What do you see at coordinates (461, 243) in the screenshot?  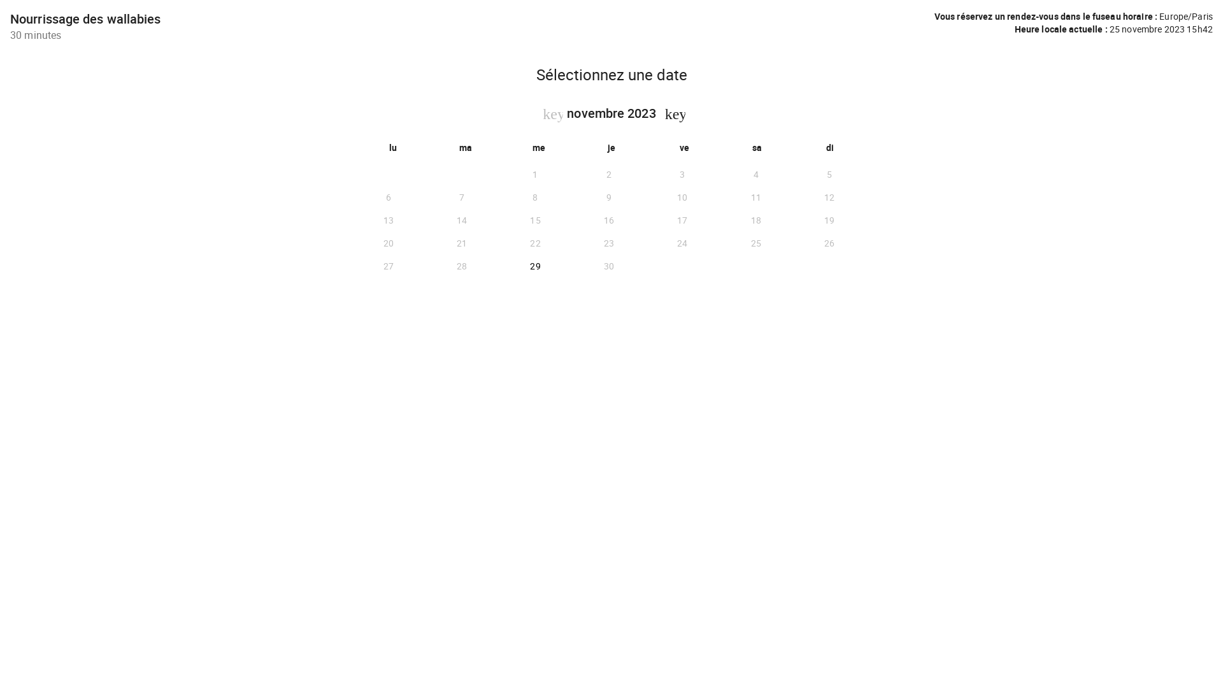 I see `'21'` at bounding box center [461, 243].